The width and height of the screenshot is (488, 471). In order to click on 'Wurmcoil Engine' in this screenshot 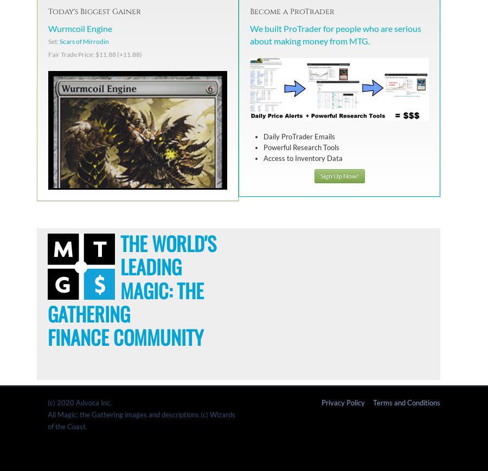, I will do `click(80, 27)`.